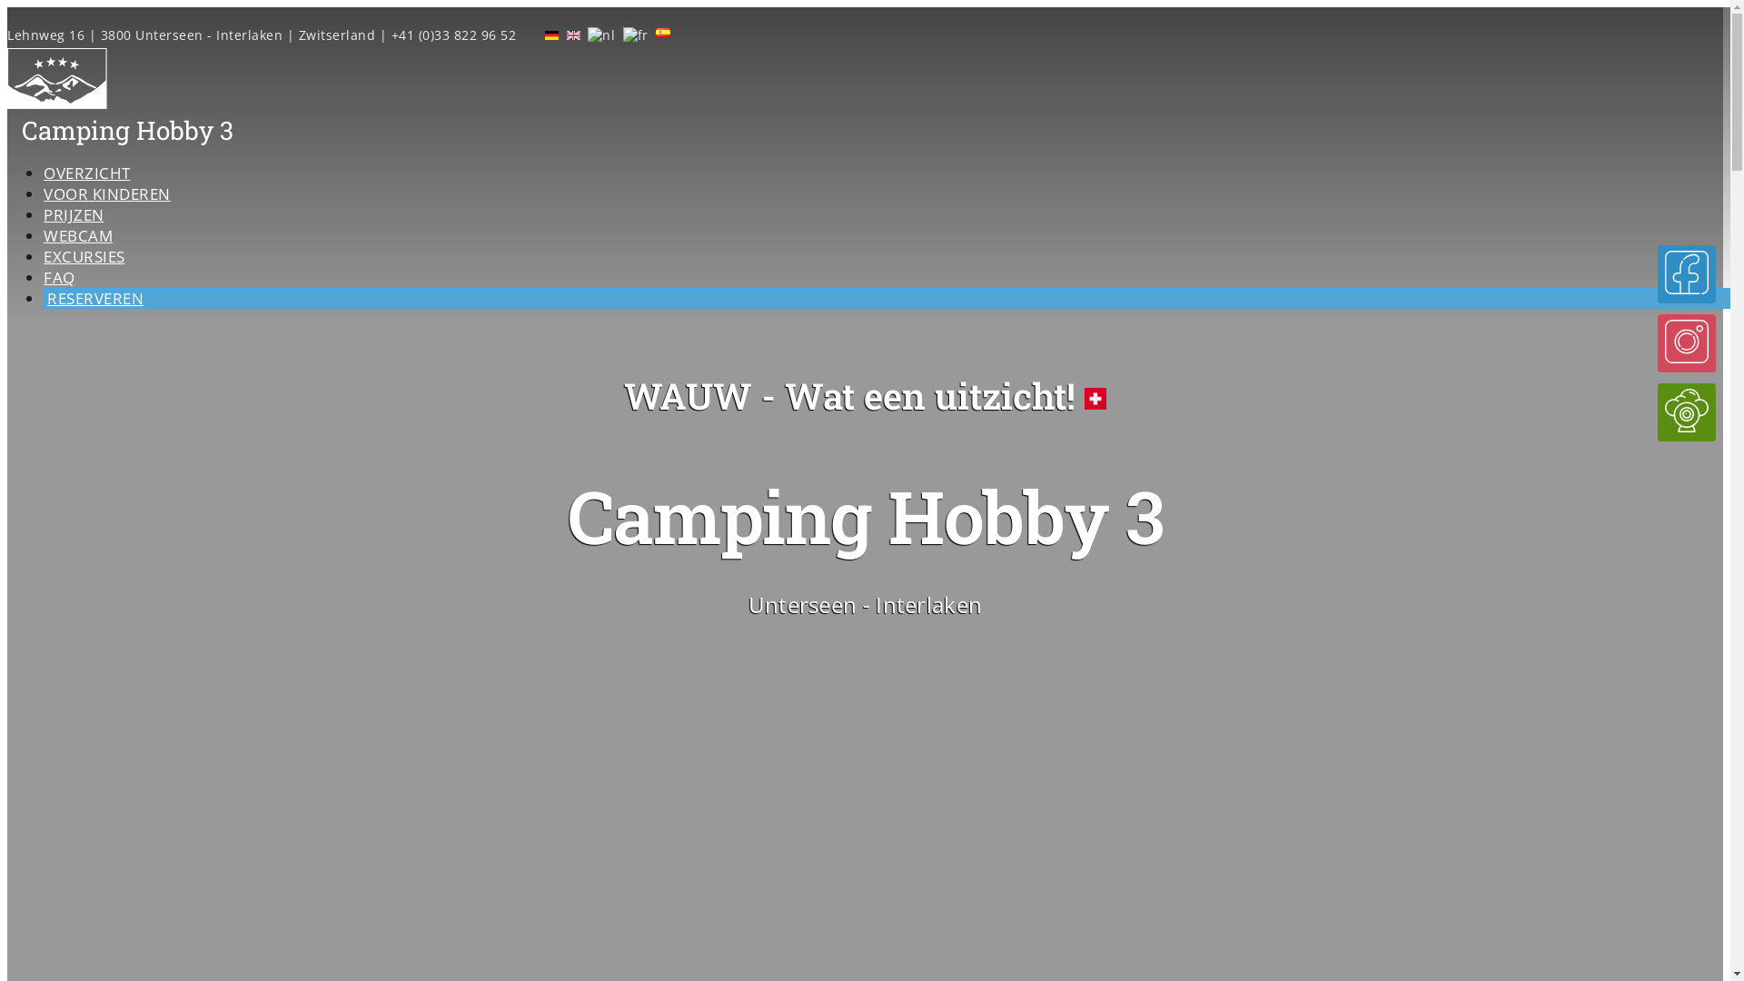 The image size is (1744, 981). I want to click on 'EXCURSIES', so click(83, 256).